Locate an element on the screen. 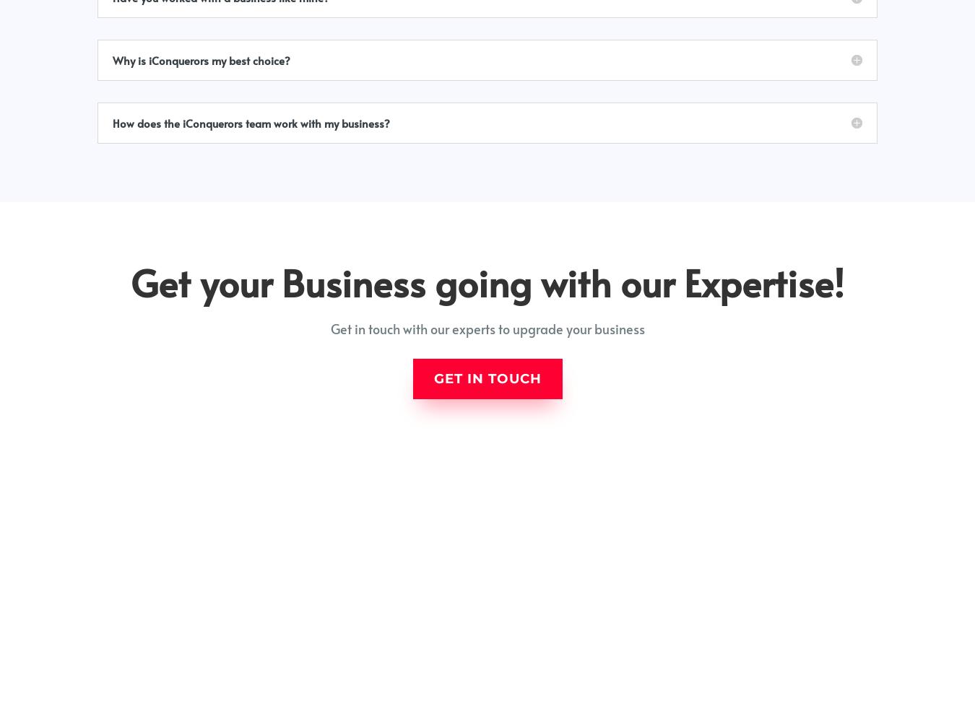  '+91 701 319 6804' is located at coordinates (719, 639).